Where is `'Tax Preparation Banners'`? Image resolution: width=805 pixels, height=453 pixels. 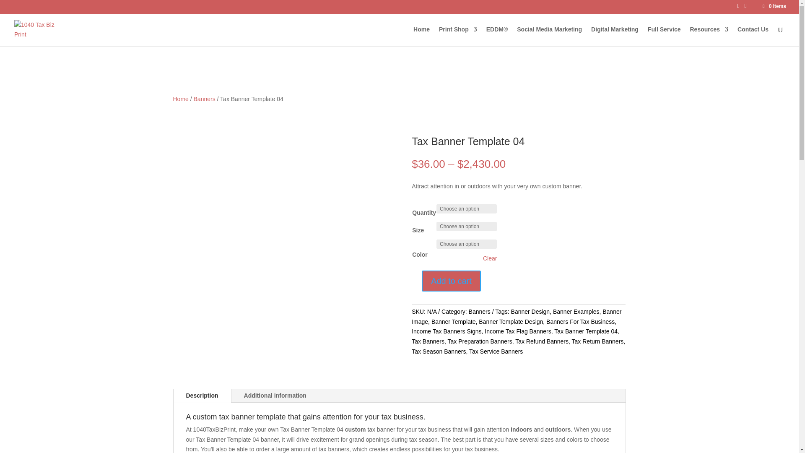
'Tax Preparation Banners' is located at coordinates (480, 341).